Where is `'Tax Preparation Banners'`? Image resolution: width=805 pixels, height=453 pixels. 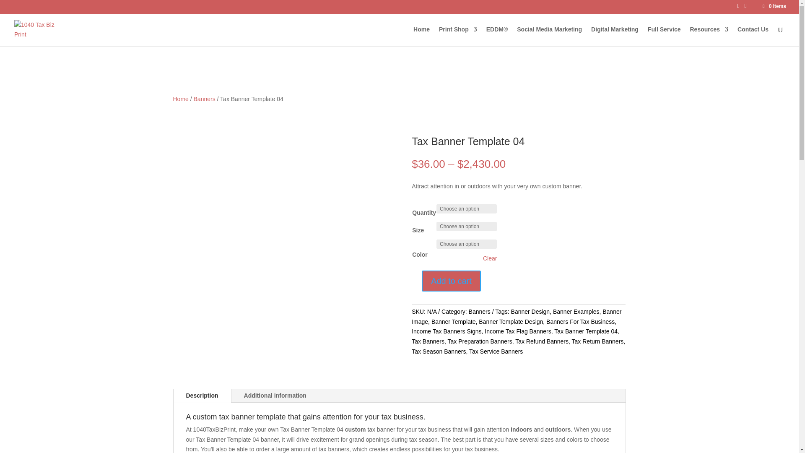
'Tax Preparation Banners' is located at coordinates (480, 341).